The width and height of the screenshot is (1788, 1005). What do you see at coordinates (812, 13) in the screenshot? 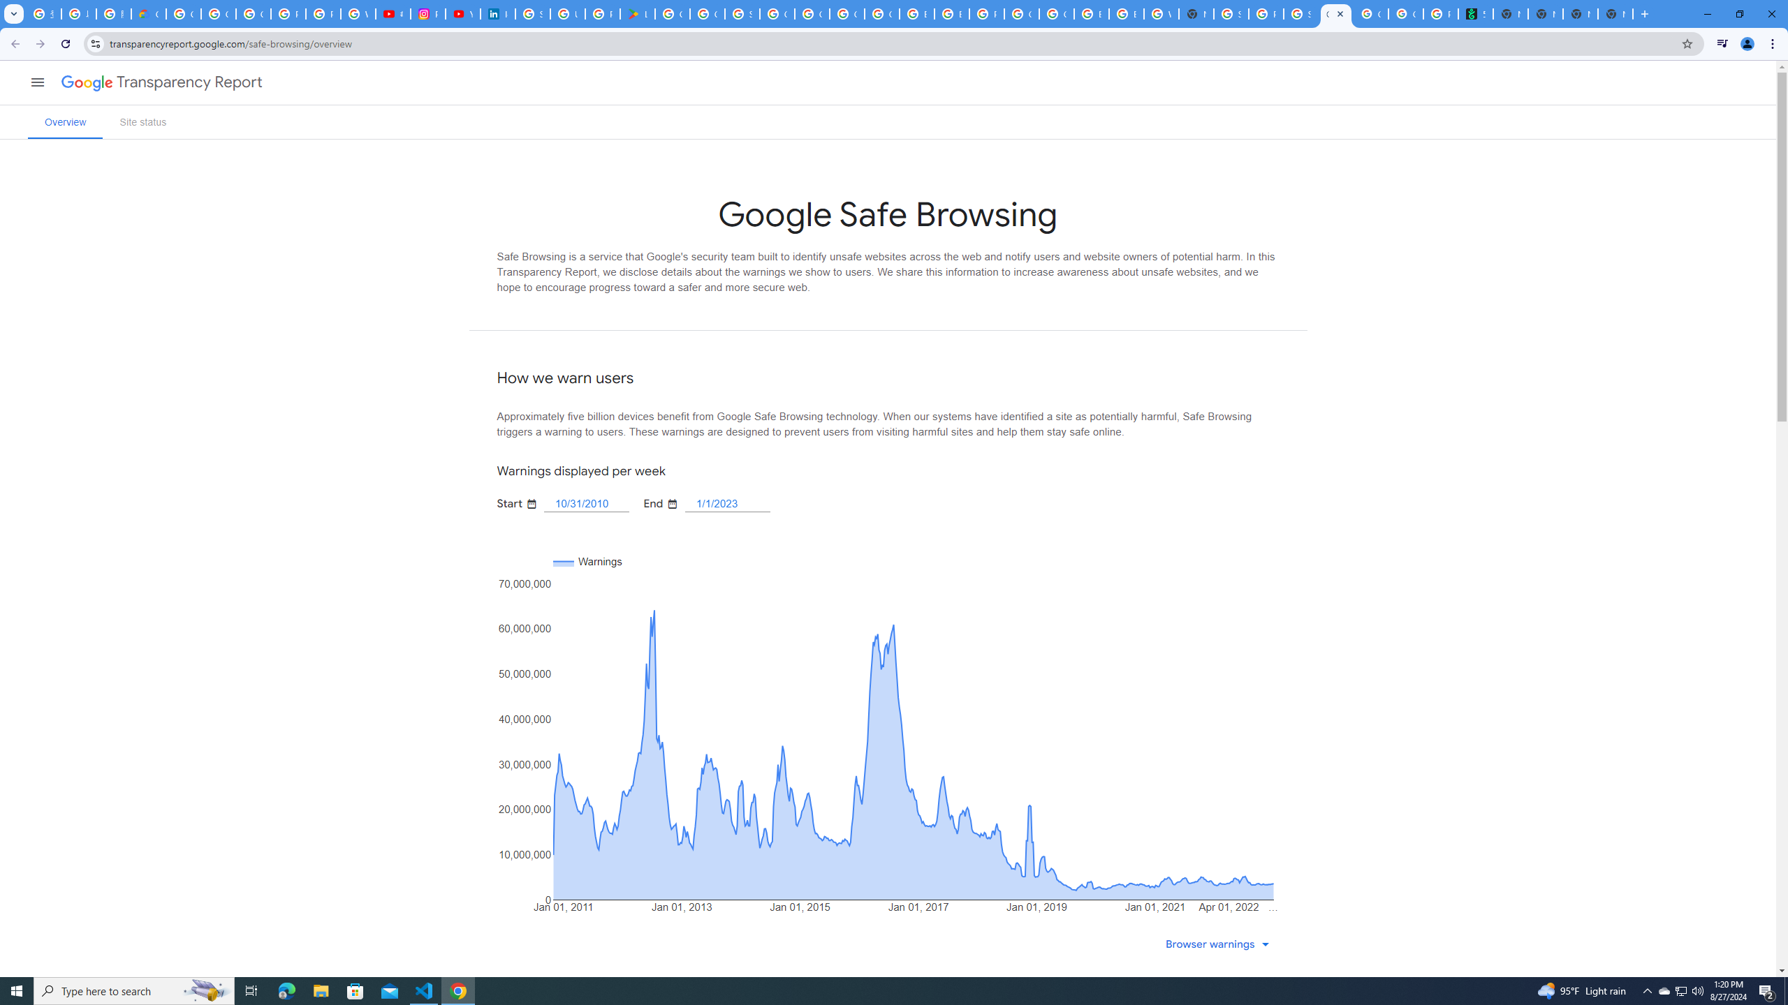
I see `'Google Cloud Platform'` at bounding box center [812, 13].